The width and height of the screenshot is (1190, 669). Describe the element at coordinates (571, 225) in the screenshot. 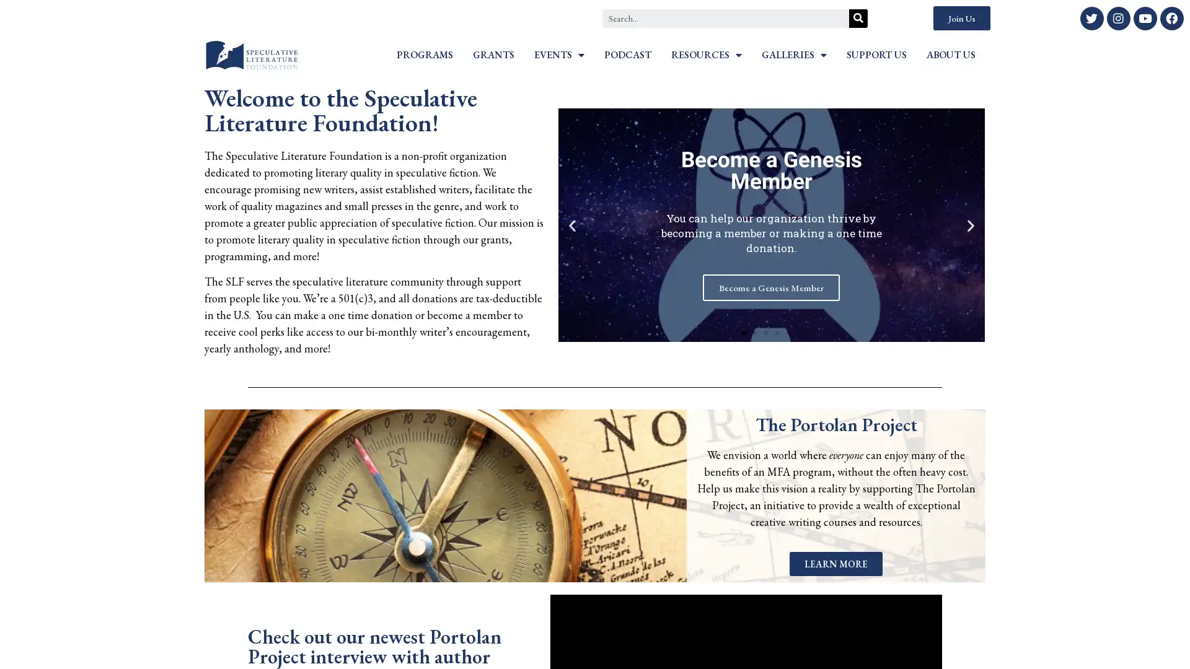

I see `Previous slide` at that location.